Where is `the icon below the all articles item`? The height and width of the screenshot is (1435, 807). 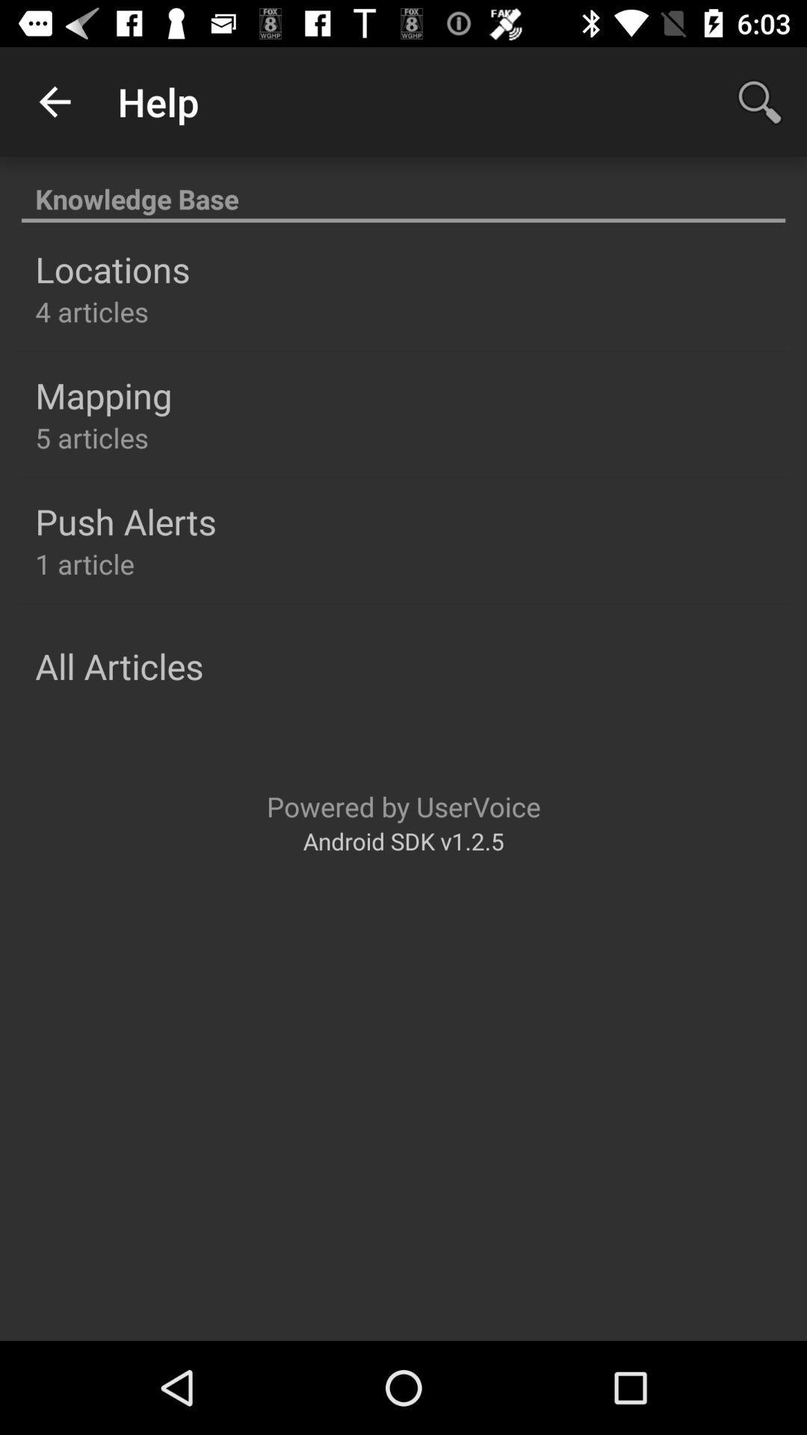
the icon below the all articles item is located at coordinates (403, 806).